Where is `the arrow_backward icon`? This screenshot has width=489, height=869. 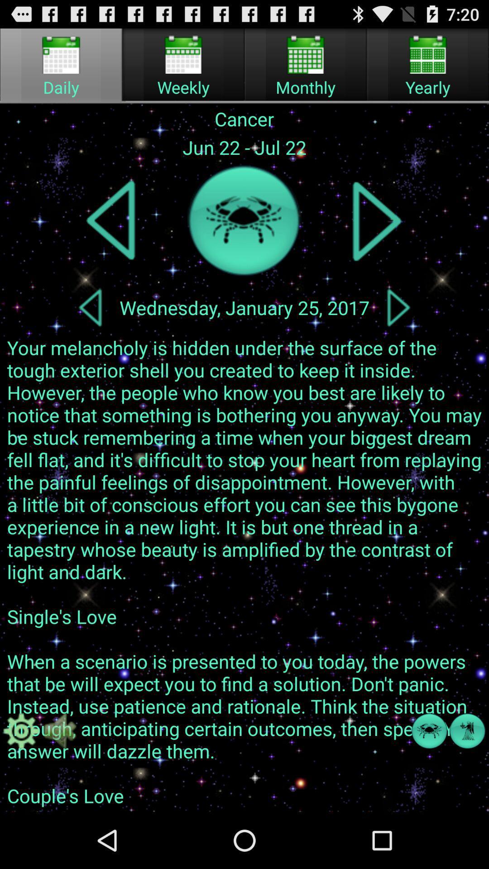
the arrow_backward icon is located at coordinates (111, 236).